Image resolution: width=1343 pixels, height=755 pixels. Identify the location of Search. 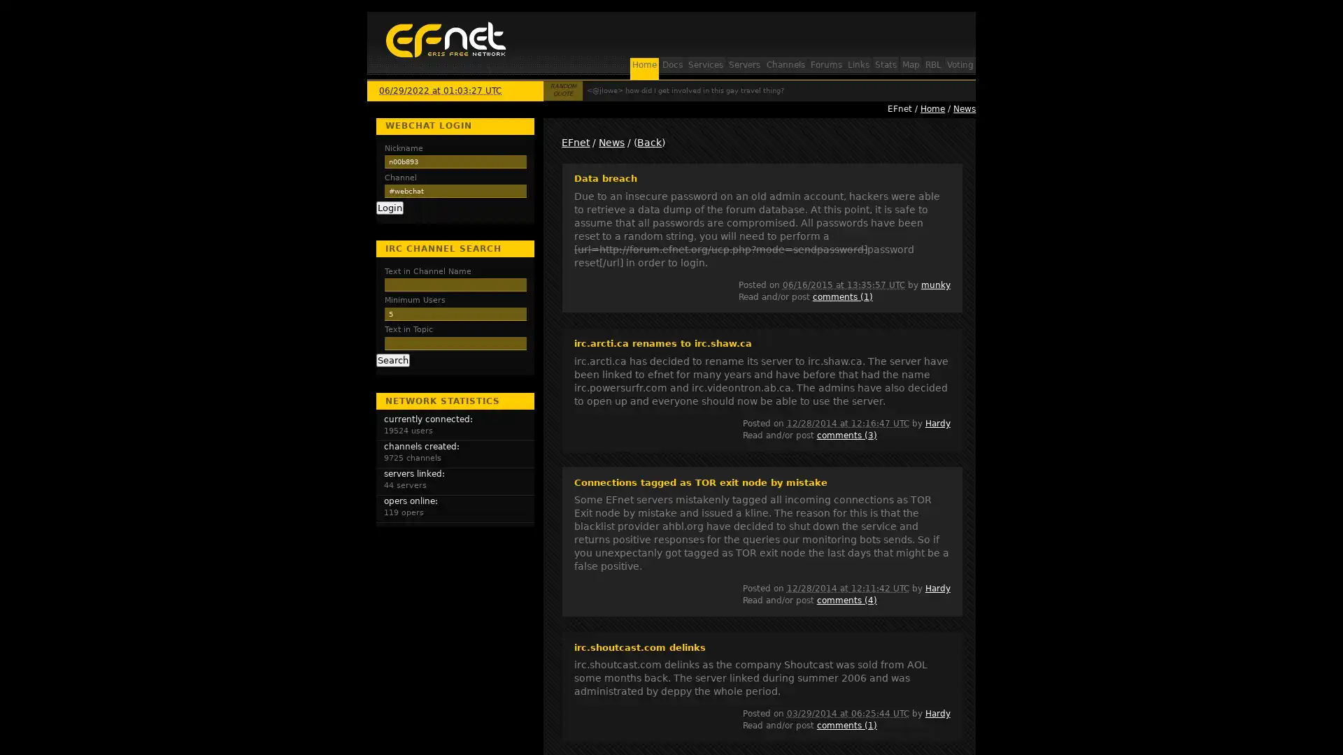
(392, 359).